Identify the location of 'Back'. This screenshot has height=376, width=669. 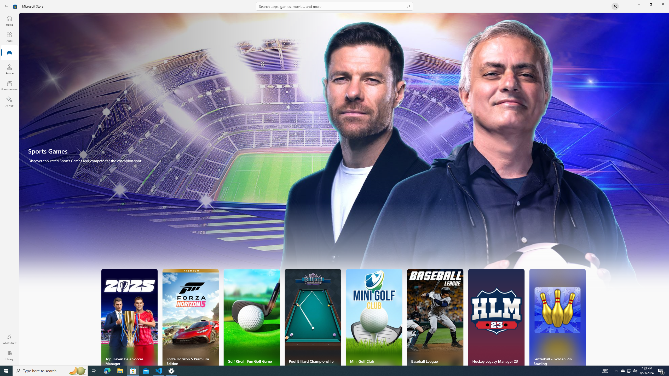
(6, 6).